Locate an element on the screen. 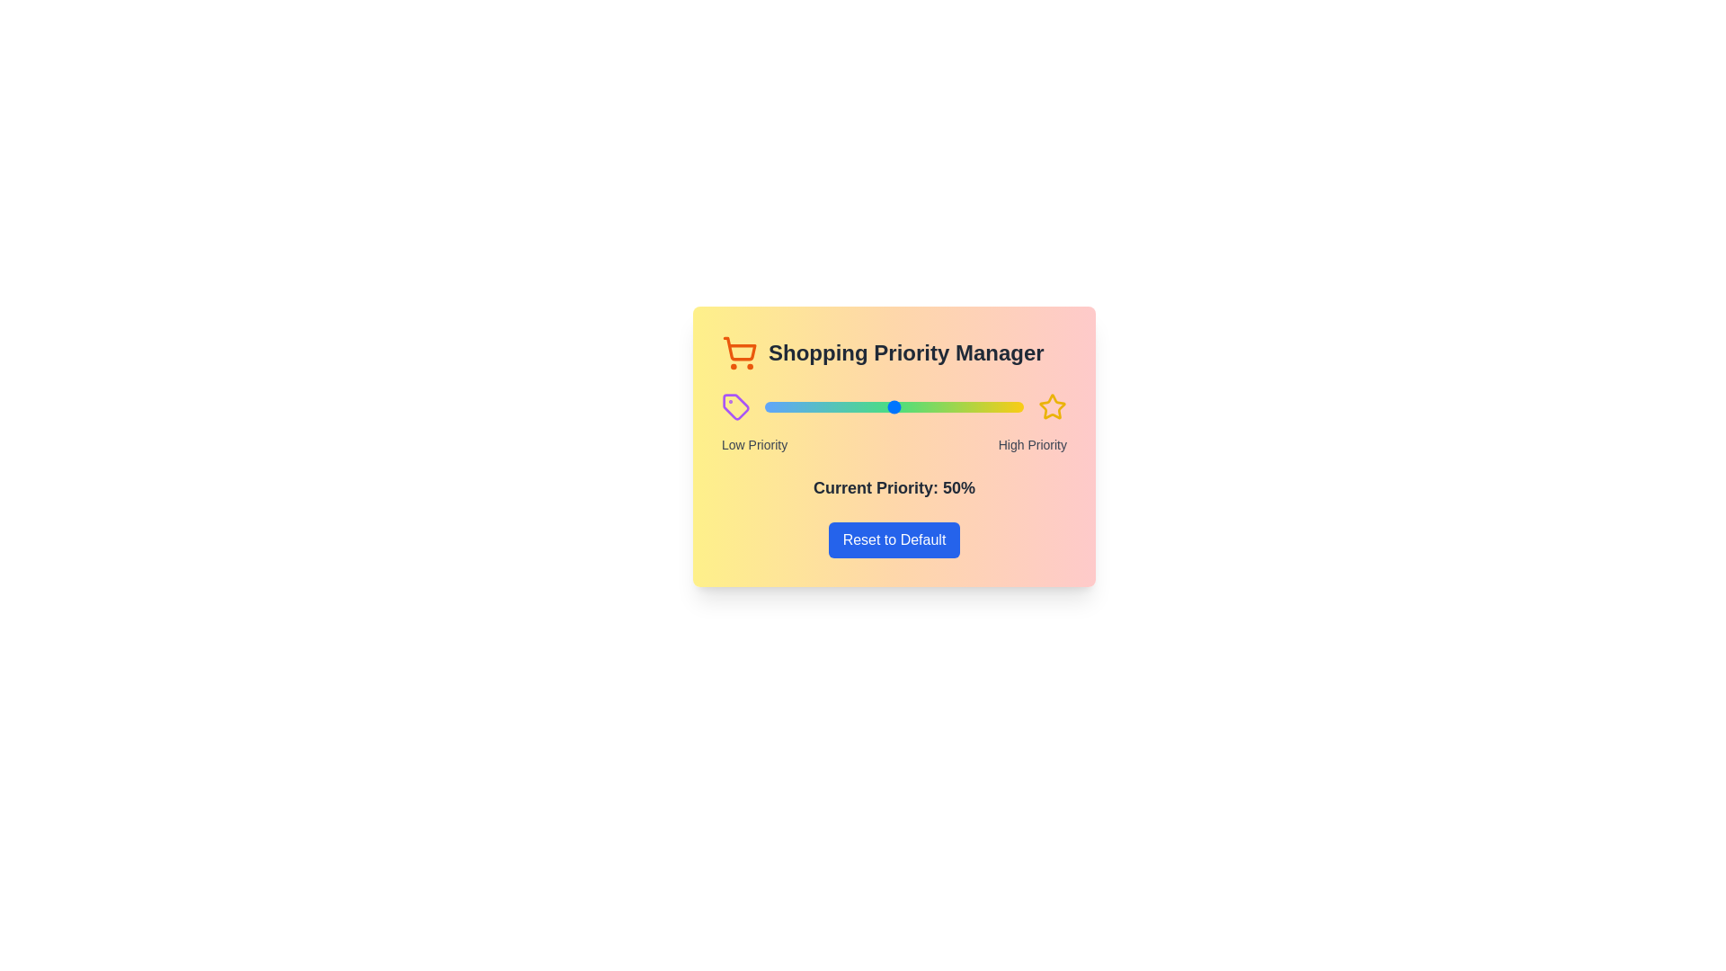 This screenshot has height=971, width=1726. the 'Reset to Default' button is located at coordinates (894, 539).